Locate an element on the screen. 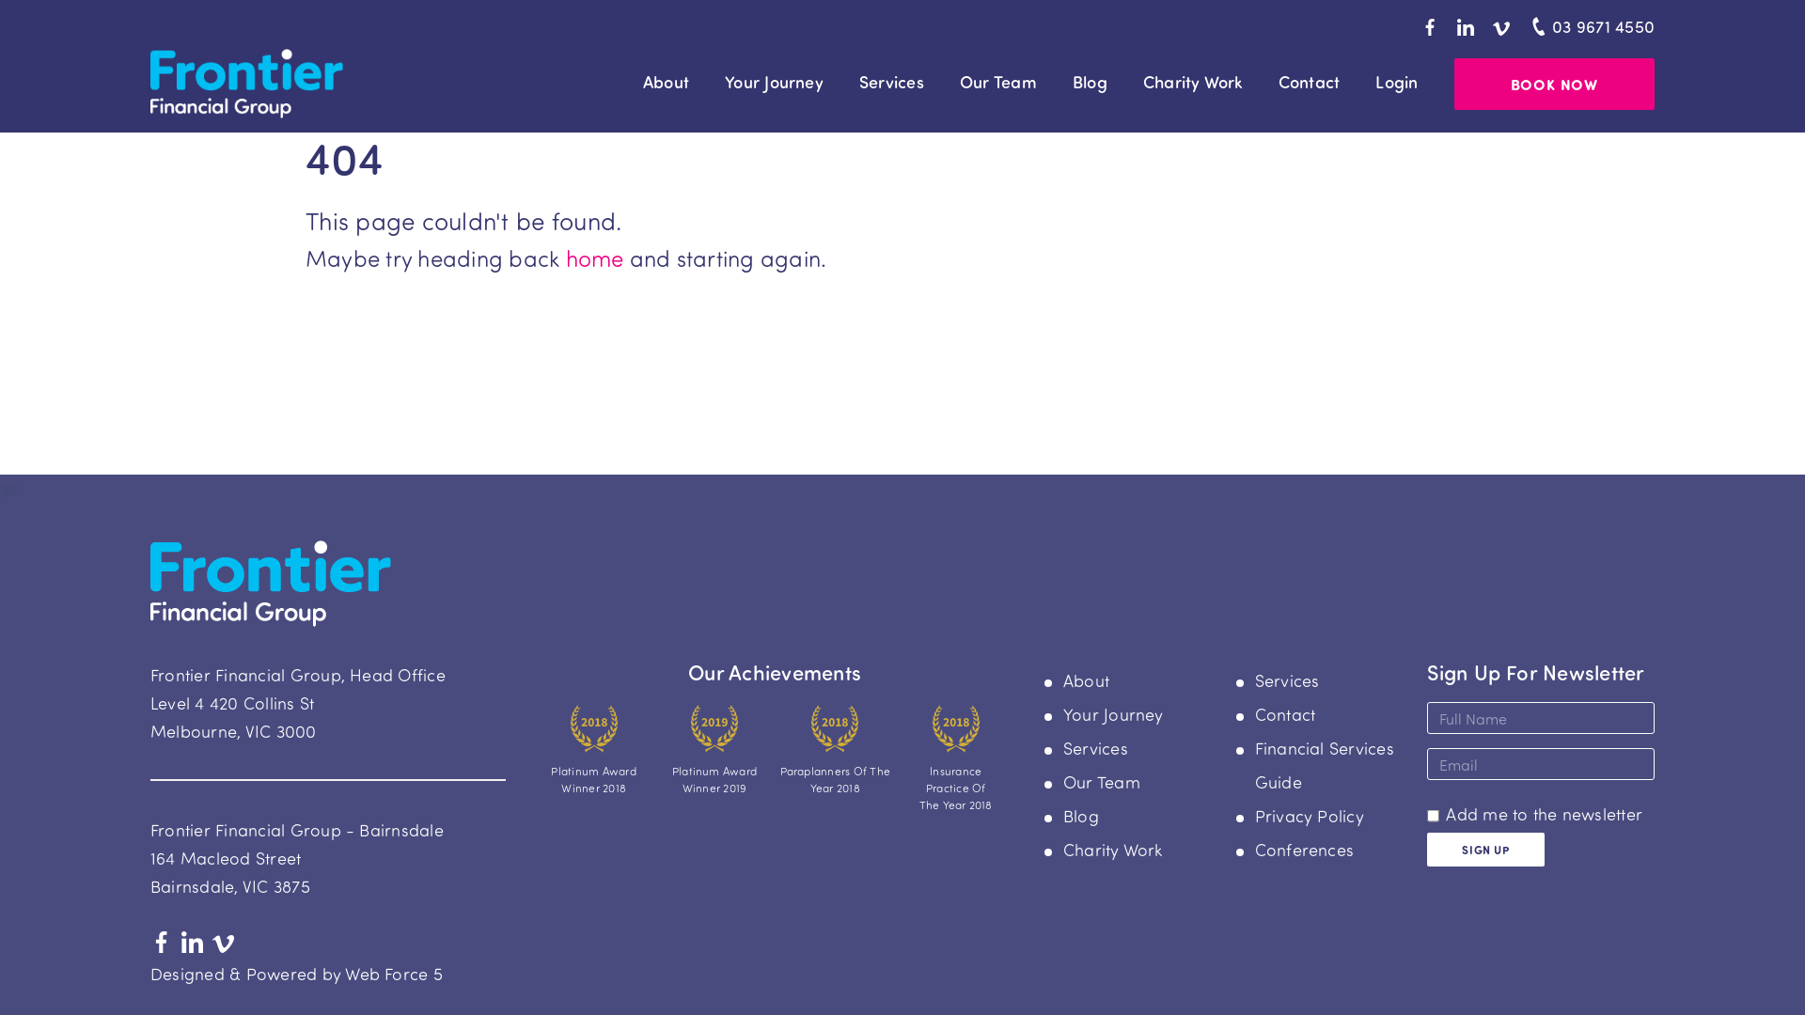 This screenshot has height=1015, width=1805. 'Blog' is located at coordinates (1081, 814).